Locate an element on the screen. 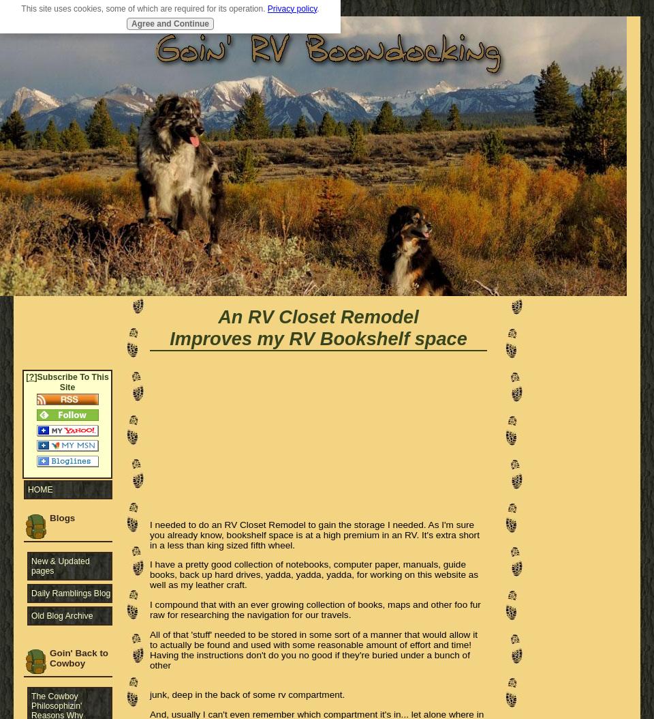 The width and height of the screenshot is (654, 719). 'Goin' Back to Cowboy' is located at coordinates (78, 657).